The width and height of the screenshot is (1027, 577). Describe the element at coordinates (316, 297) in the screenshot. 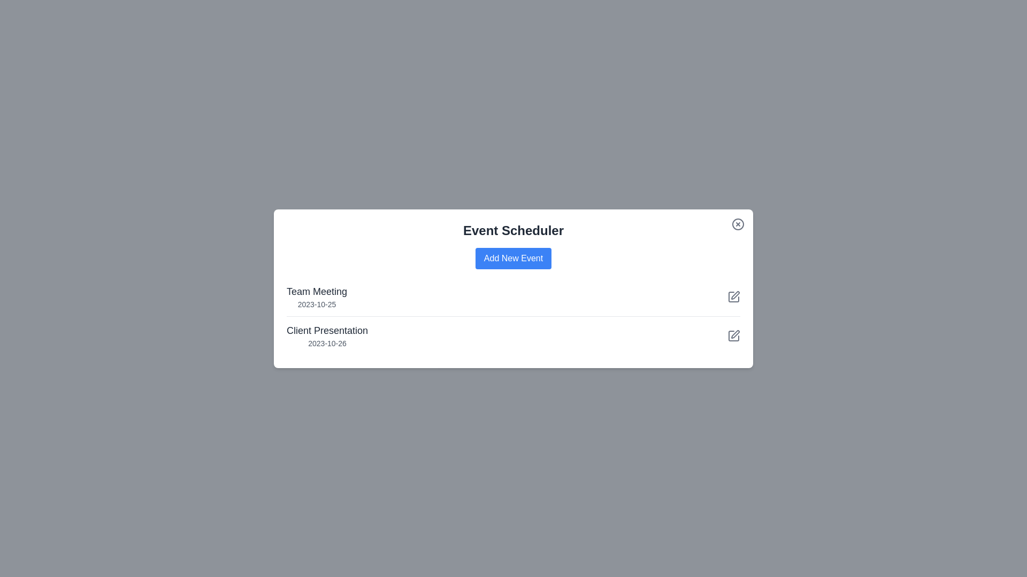

I see `the event title and date label located under the 'Event Scheduler' heading, which is the topmost event in the list above the 'Client Presentation' event` at that location.